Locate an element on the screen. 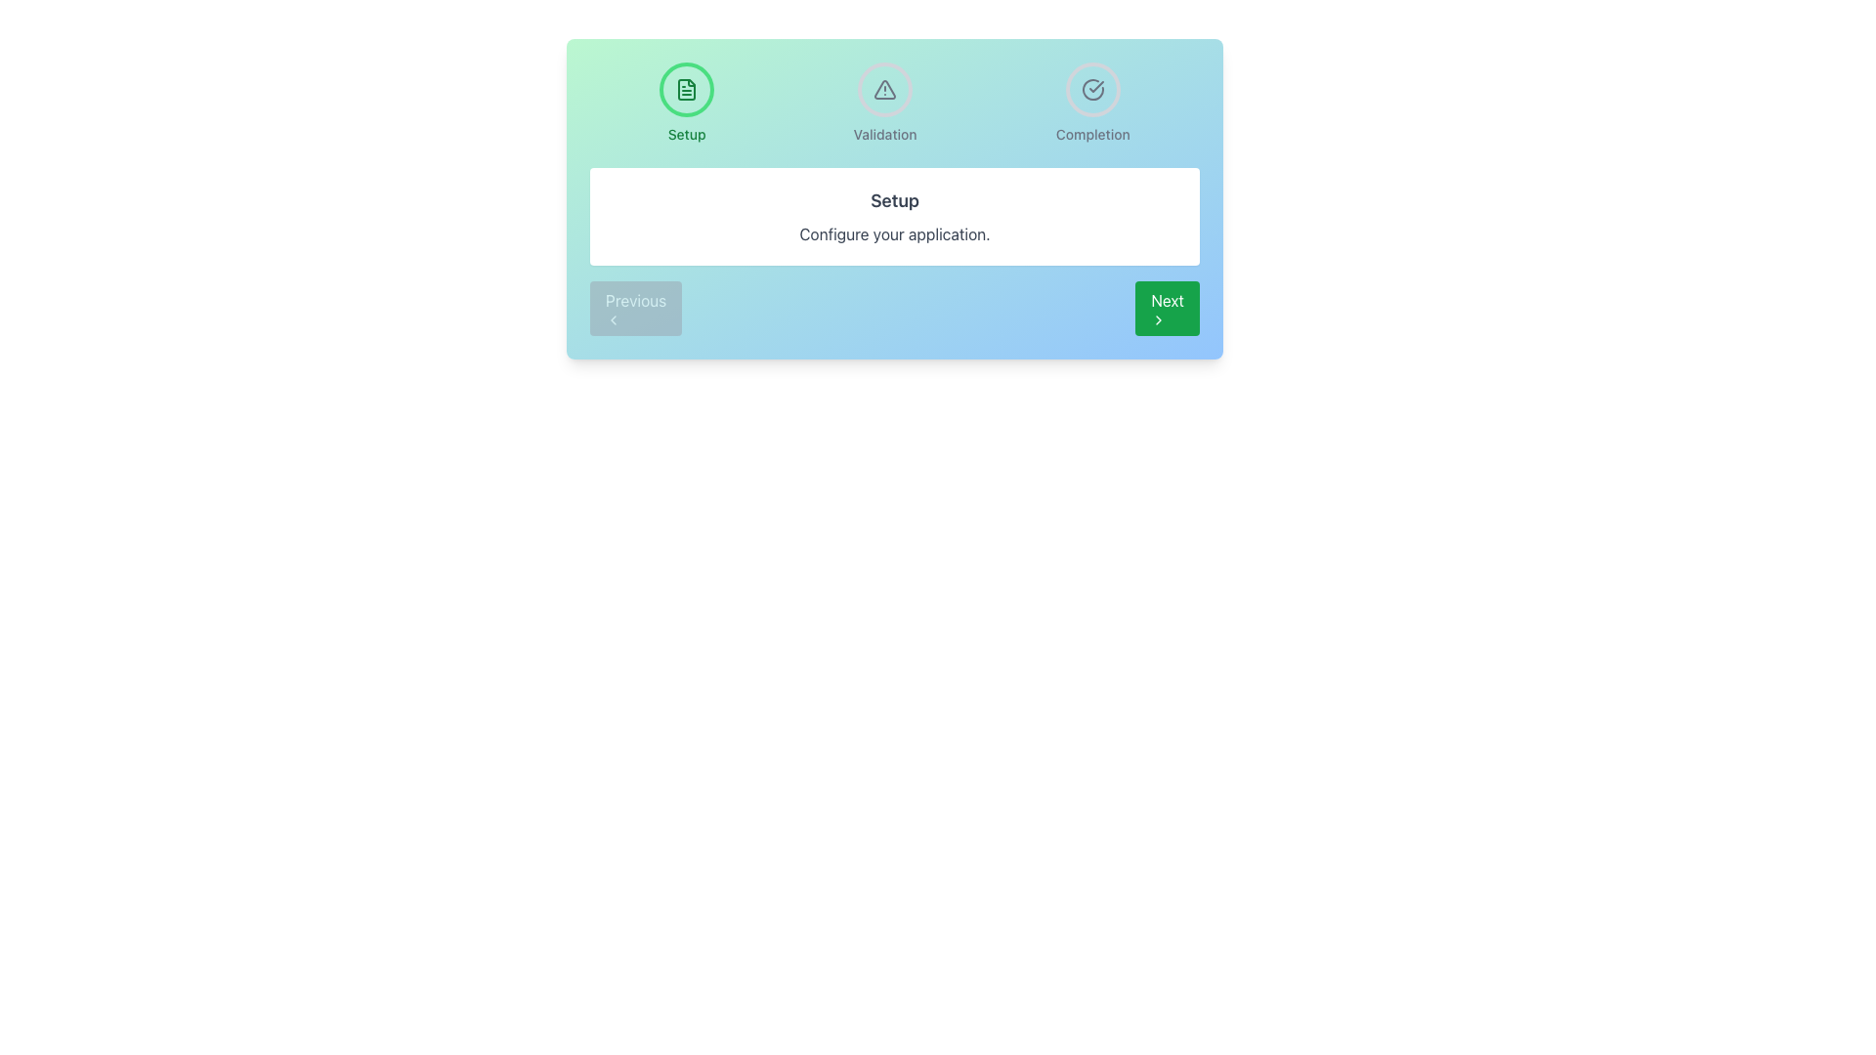 This screenshot has width=1876, height=1055. the text label element that provides supporting information or instructions under the setup section, located beneath the 'Setup' label is located at coordinates (894, 232).